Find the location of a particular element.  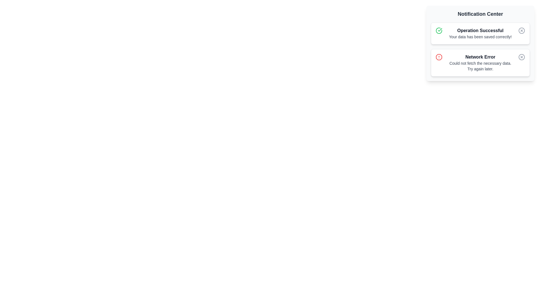

the green checkmark icon located within the circular outline of the 'Operation Successful' notification entry is located at coordinates (440, 30).